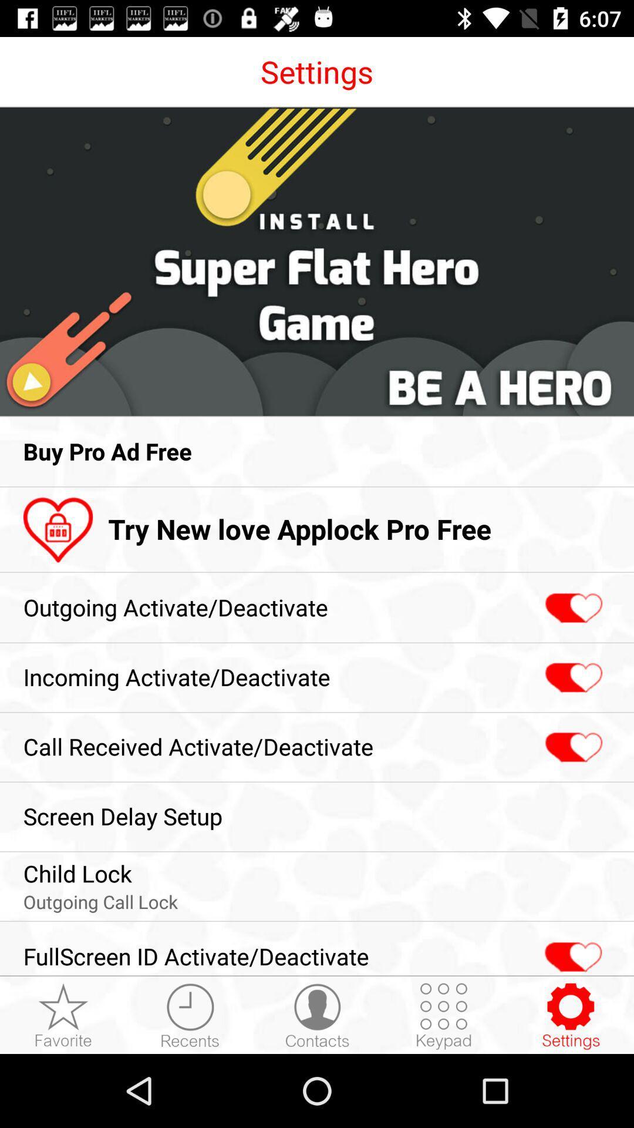  I want to click on switch off, so click(572, 608).